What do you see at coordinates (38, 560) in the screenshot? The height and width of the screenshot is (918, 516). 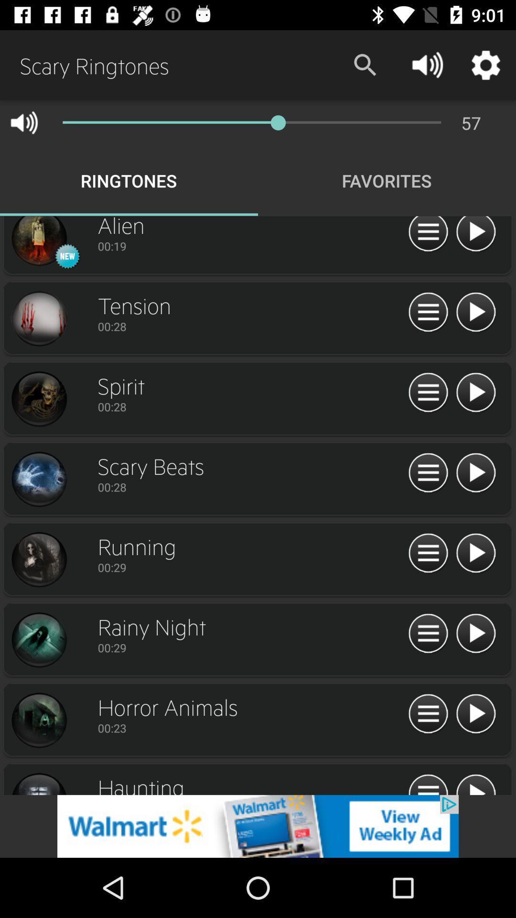 I see `display picture for ringtone` at bounding box center [38, 560].